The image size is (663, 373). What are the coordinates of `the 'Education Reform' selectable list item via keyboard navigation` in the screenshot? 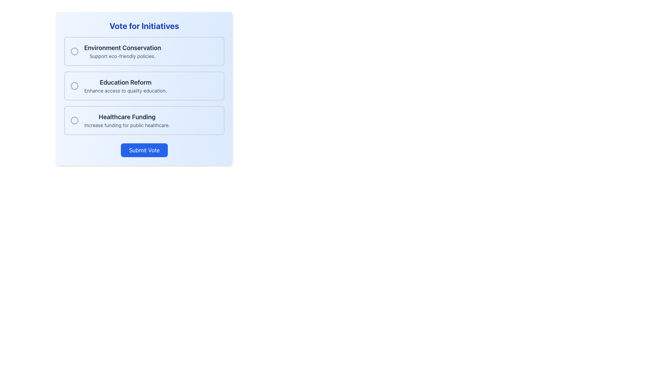 It's located at (144, 86).